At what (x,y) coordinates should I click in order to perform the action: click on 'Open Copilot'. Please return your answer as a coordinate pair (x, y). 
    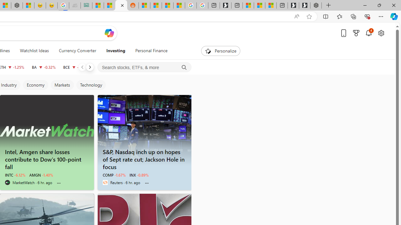
    Looking at the image, I should click on (109, 33).